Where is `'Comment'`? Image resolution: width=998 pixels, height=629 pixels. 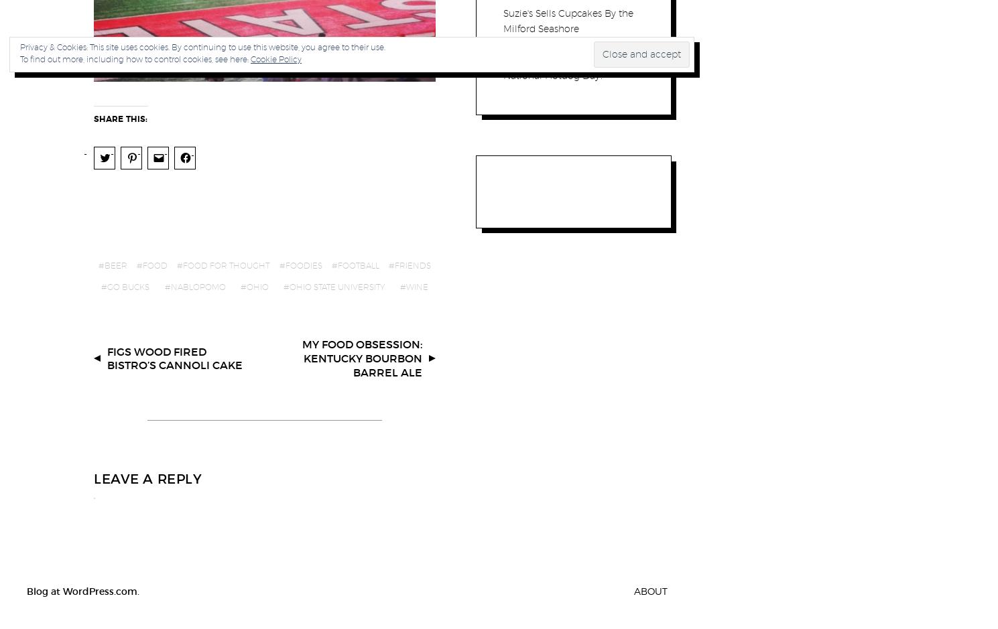 'Comment' is located at coordinates (582, 63).